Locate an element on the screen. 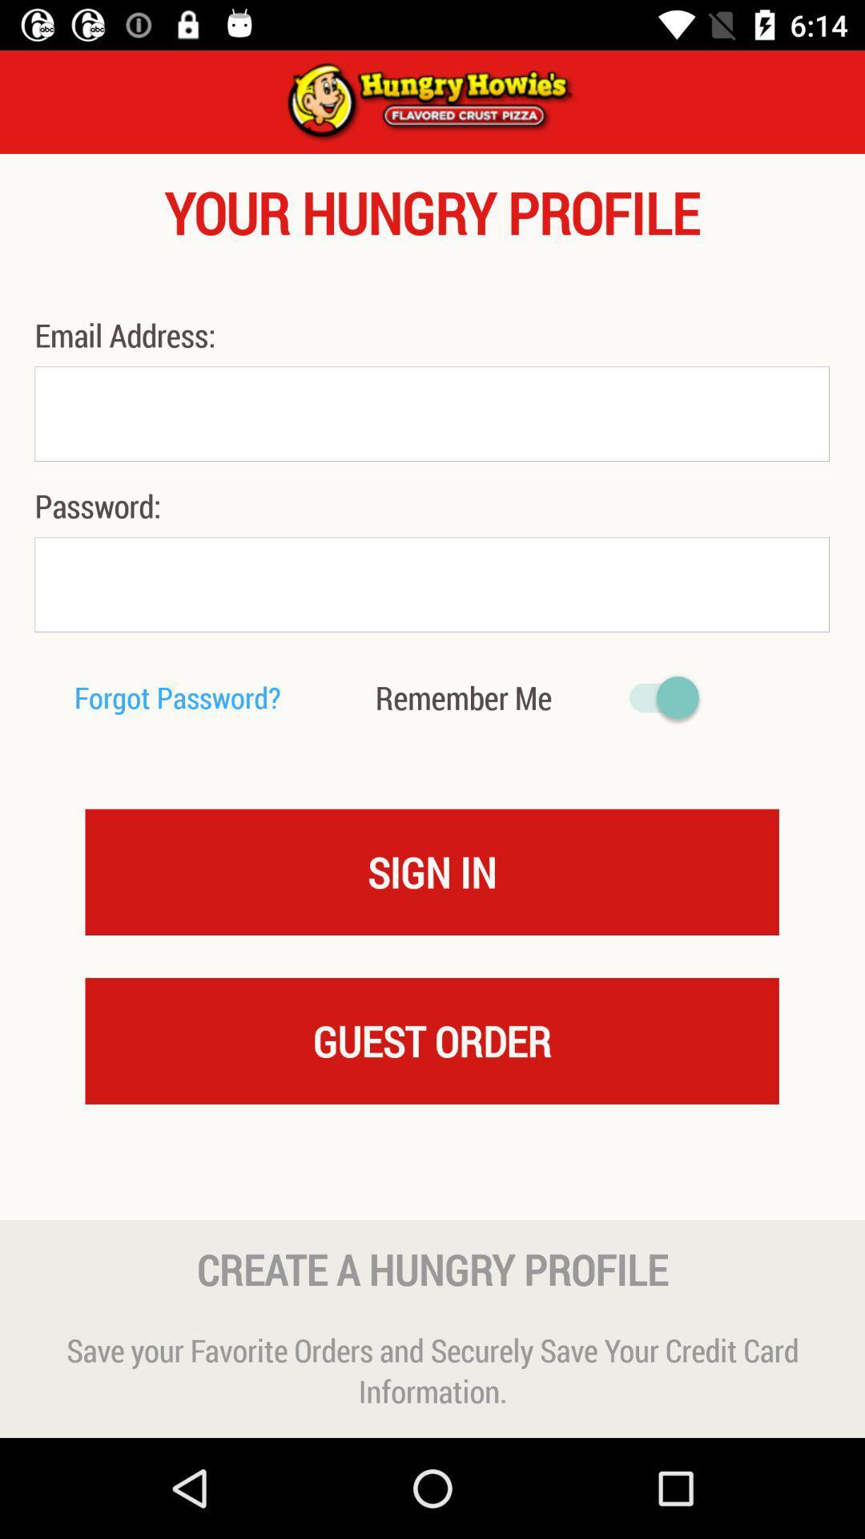 This screenshot has width=865, height=1539. the item to the left of remember me item is located at coordinates (178, 697).